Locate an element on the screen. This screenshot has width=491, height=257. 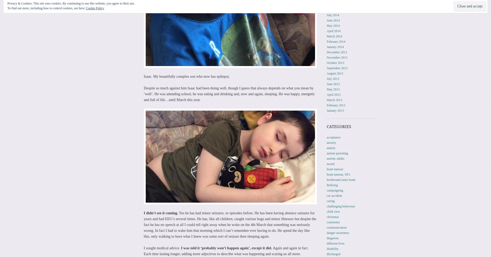
'May 2013' is located at coordinates (326, 89).